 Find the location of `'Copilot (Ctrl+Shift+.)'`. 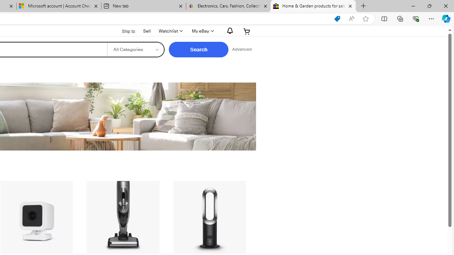

'Copilot (Ctrl+Shift+.)' is located at coordinates (446, 18).